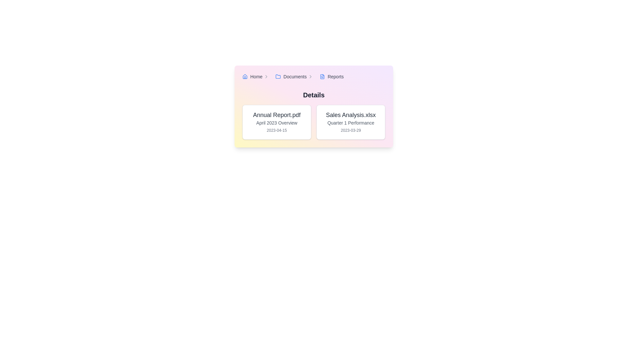 This screenshot has width=629, height=354. I want to click on the interactive hyperlink in the breadcrumb navigation bar that follows the folder icon and precedes the 'Home' link, so click(295, 76).